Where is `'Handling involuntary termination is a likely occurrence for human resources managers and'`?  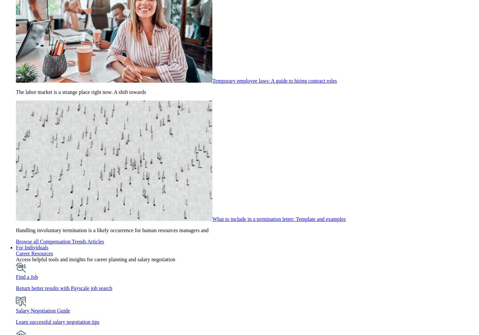
'Handling involuntary termination is a likely occurrence for human resources managers and' is located at coordinates (111, 230).